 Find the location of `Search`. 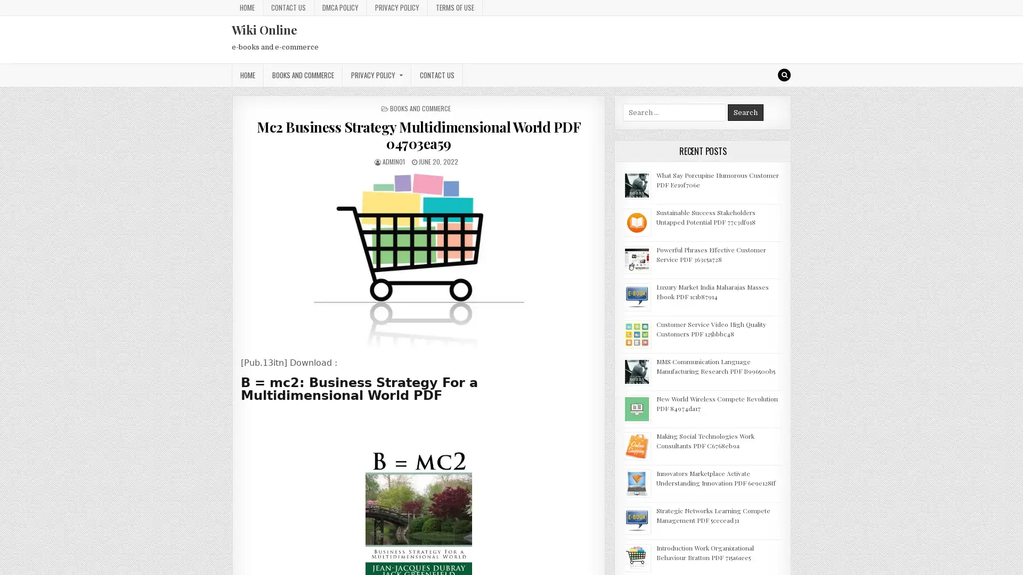

Search is located at coordinates (745, 112).